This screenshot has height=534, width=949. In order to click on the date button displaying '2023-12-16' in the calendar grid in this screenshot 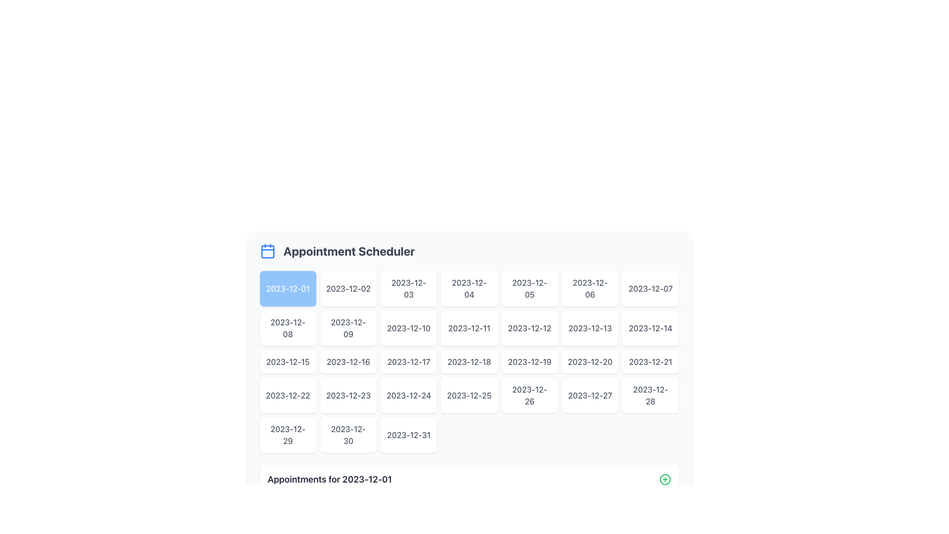, I will do `click(348, 362)`.